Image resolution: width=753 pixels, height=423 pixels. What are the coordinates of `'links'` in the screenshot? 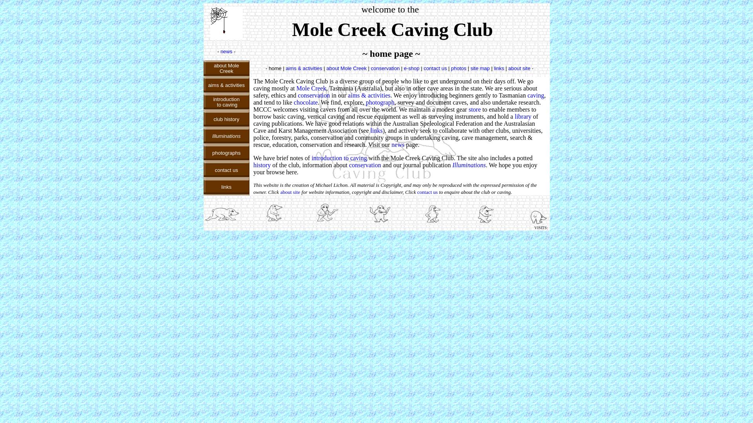 It's located at (376, 130).